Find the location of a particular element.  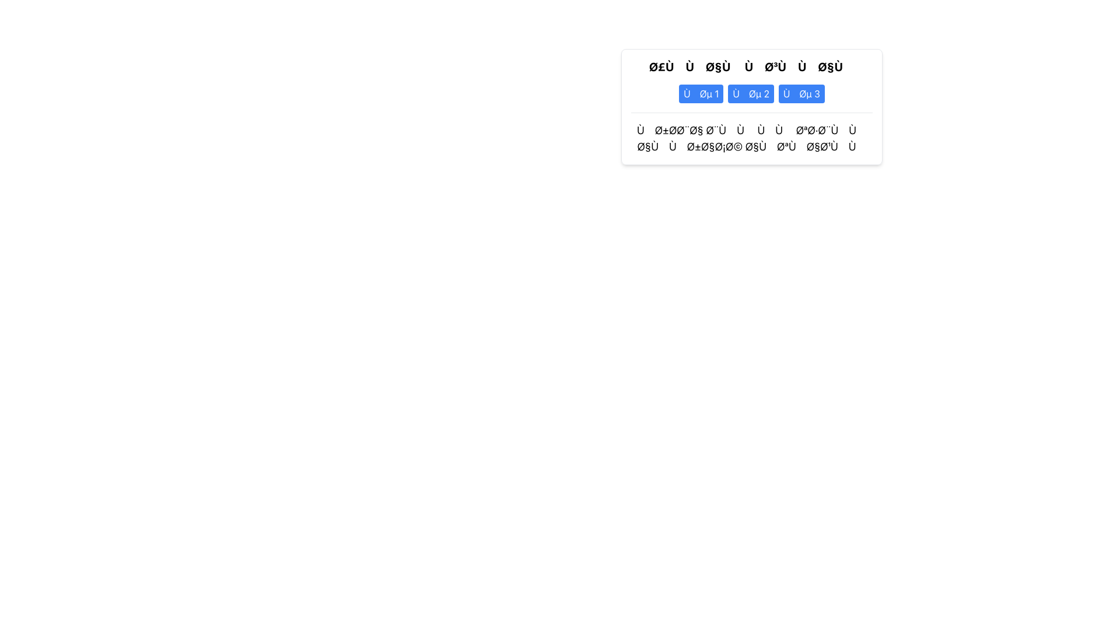

the blue rectangular button labeled 'Ùµ 3' using keyboard navigation is located at coordinates (801, 93).